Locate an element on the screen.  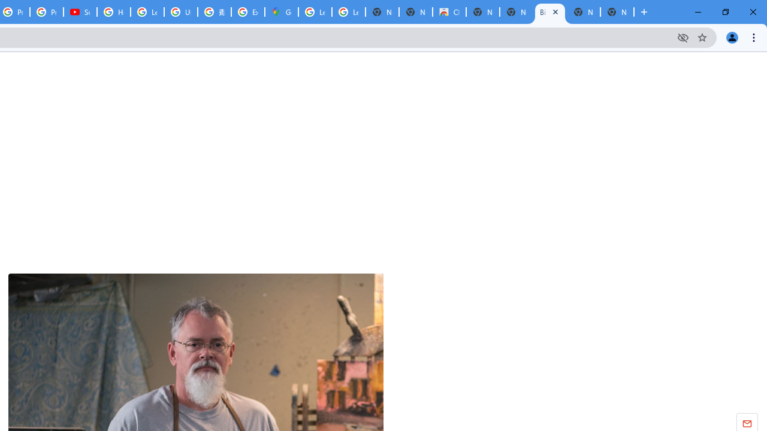
'New Tab' is located at coordinates (617, 12).